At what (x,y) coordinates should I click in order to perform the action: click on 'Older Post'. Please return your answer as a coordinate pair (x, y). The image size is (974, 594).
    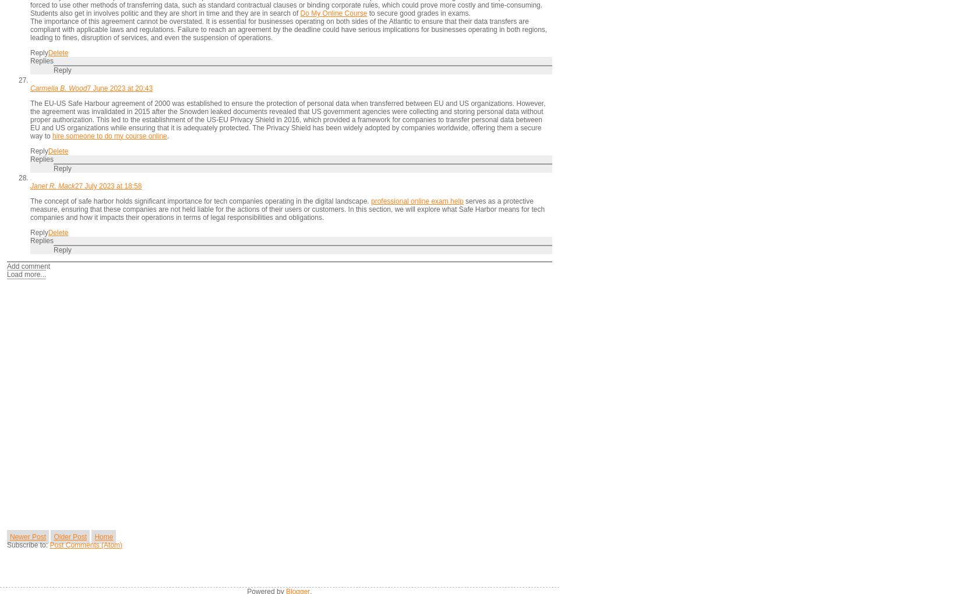
    Looking at the image, I should click on (69, 536).